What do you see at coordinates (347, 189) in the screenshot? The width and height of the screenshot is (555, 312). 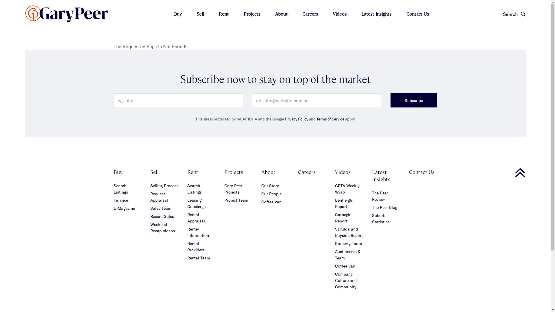 I see `'GPTV Weekly Wrap'` at bounding box center [347, 189].